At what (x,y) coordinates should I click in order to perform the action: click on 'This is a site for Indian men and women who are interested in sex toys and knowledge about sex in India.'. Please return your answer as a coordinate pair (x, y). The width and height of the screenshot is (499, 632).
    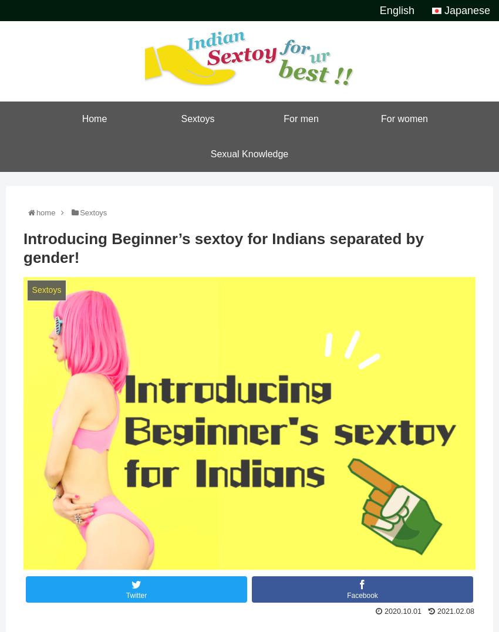
    Looking at the image, I should click on (249, 11).